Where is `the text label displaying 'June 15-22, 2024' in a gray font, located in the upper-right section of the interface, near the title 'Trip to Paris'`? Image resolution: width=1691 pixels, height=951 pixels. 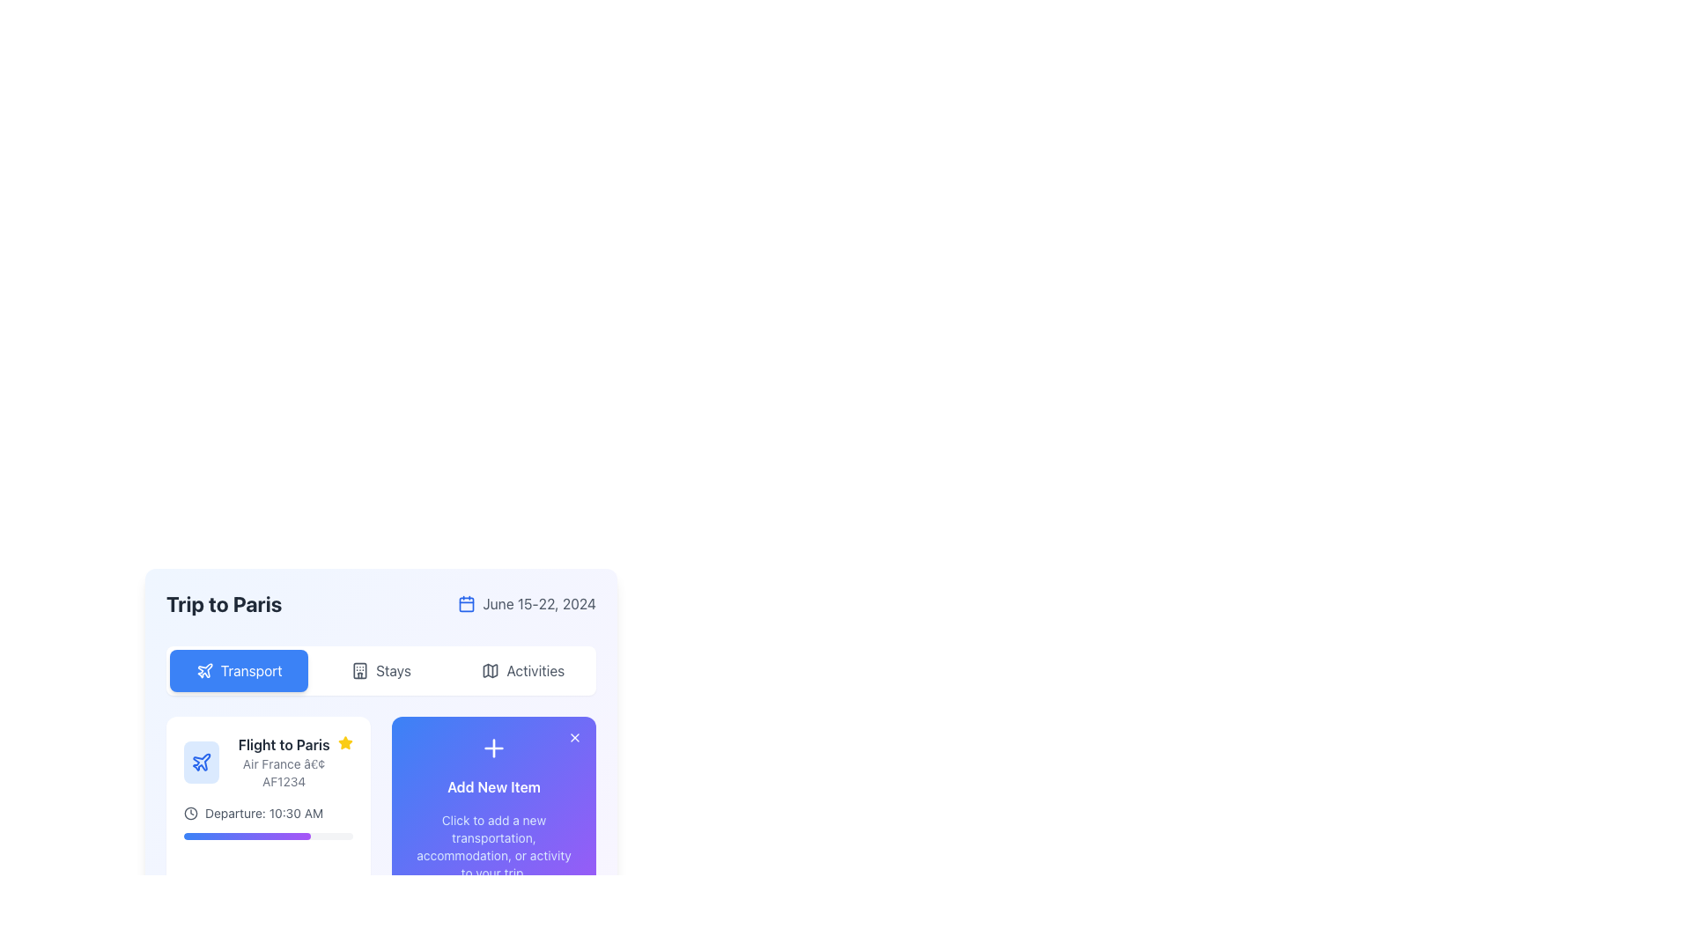 the text label displaying 'June 15-22, 2024' in a gray font, located in the upper-right section of the interface, near the title 'Trip to Paris' is located at coordinates (538, 603).